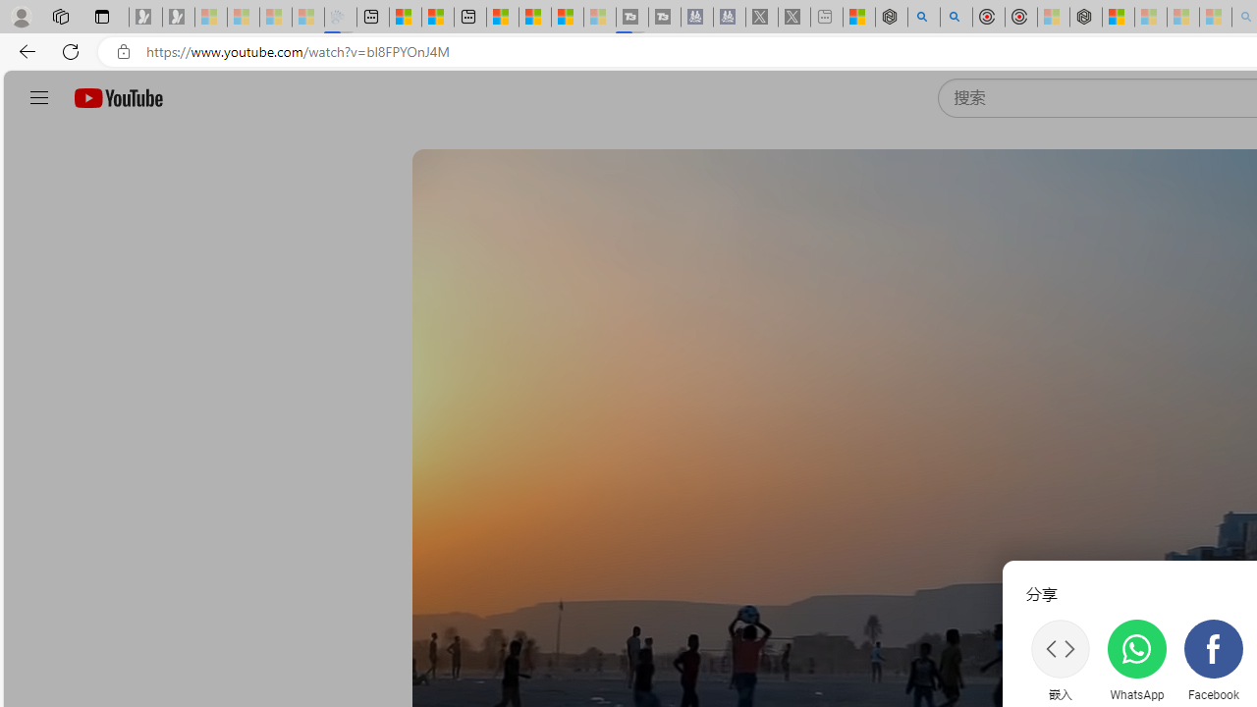 The height and width of the screenshot is (707, 1257). I want to click on 'WhatsApp', so click(1136, 660).